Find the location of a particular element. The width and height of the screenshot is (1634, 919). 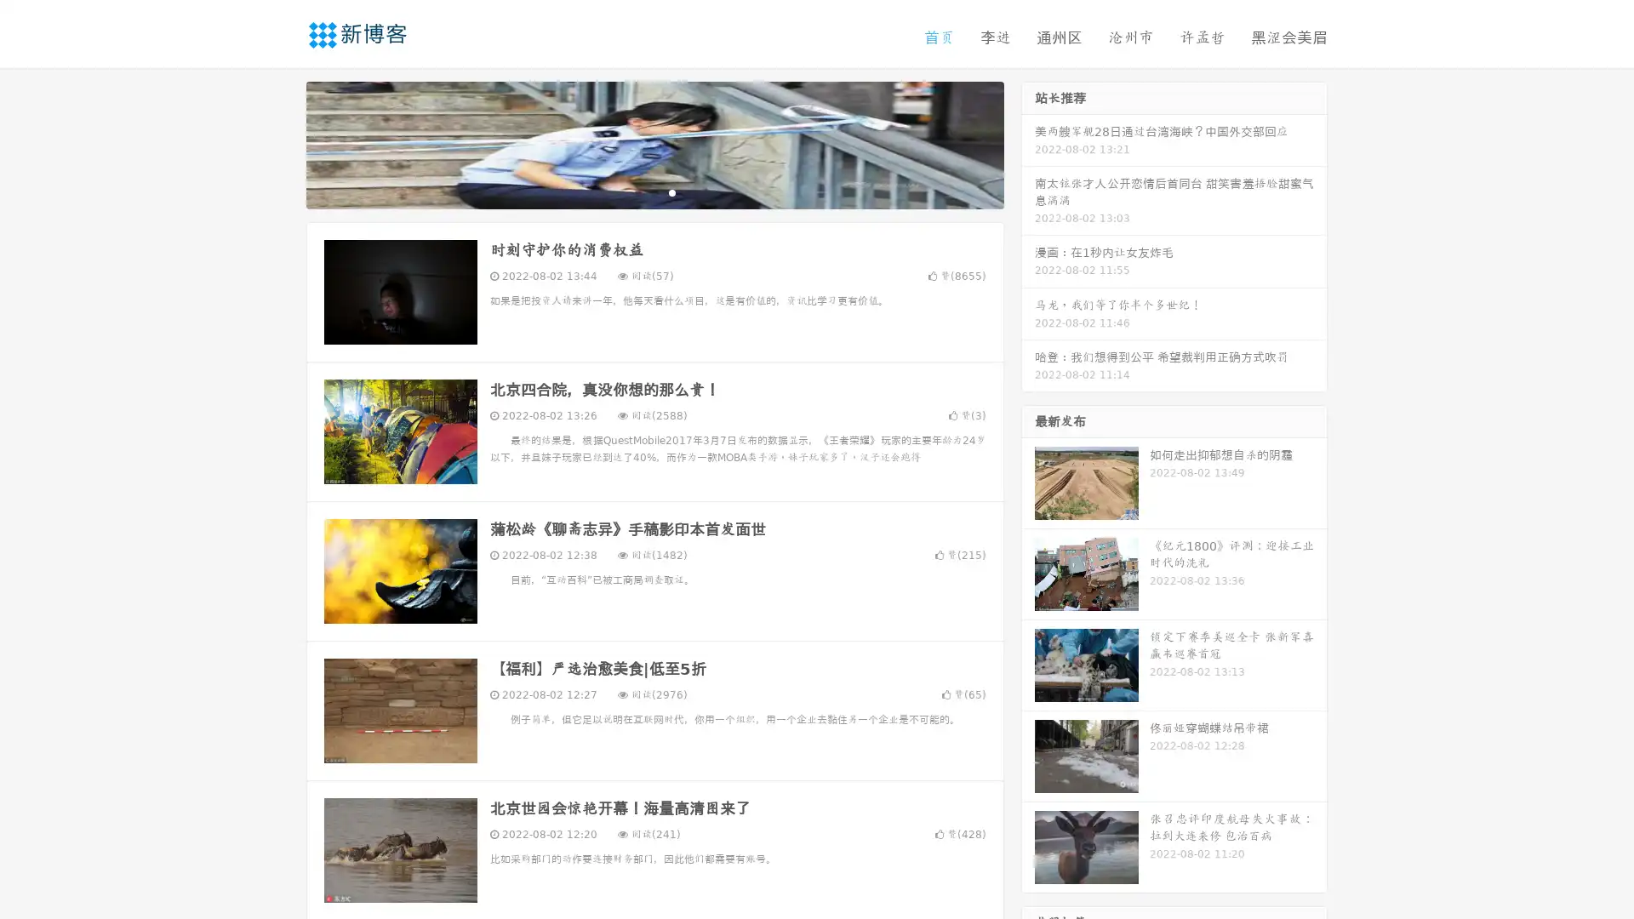

Previous slide is located at coordinates (281, 143).